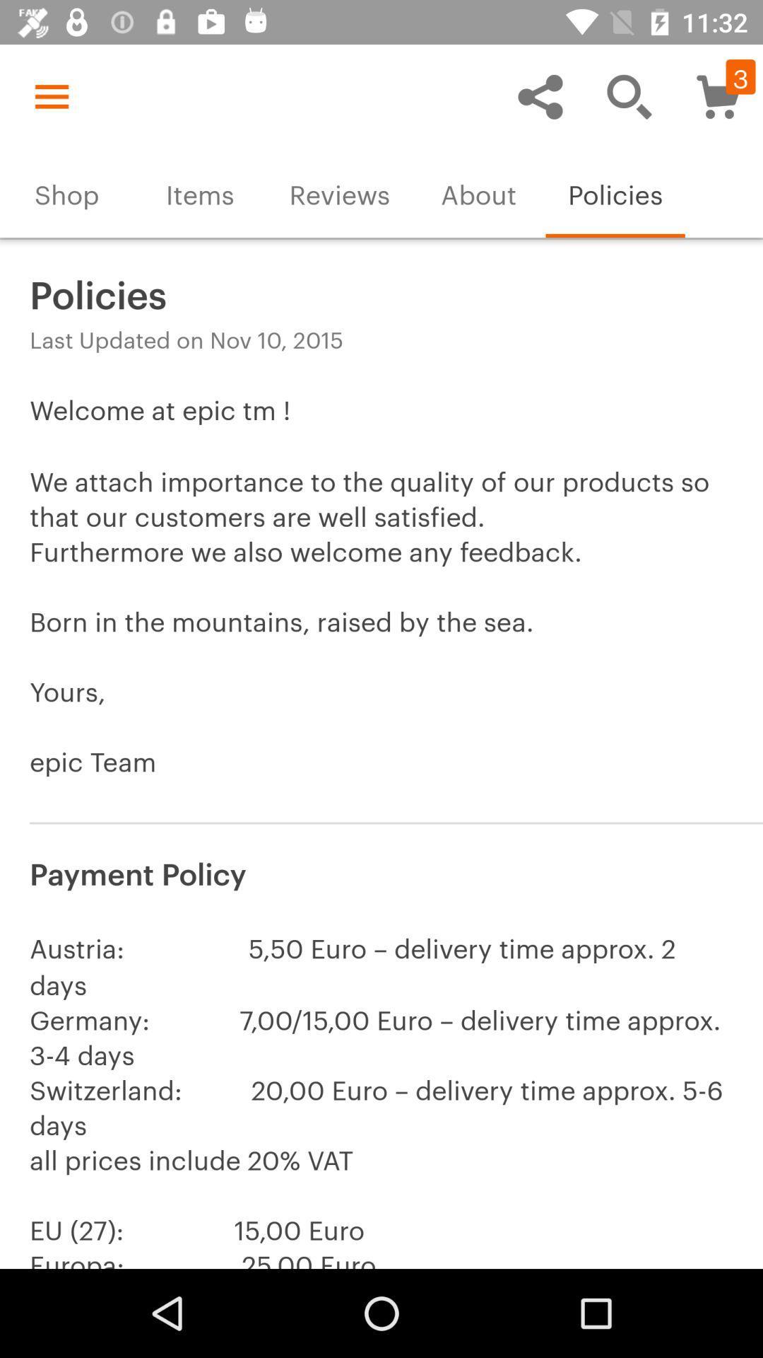 The width and height of the screenshot is (763, 1358). I want to click on the payment policy item, so click(381, 871).